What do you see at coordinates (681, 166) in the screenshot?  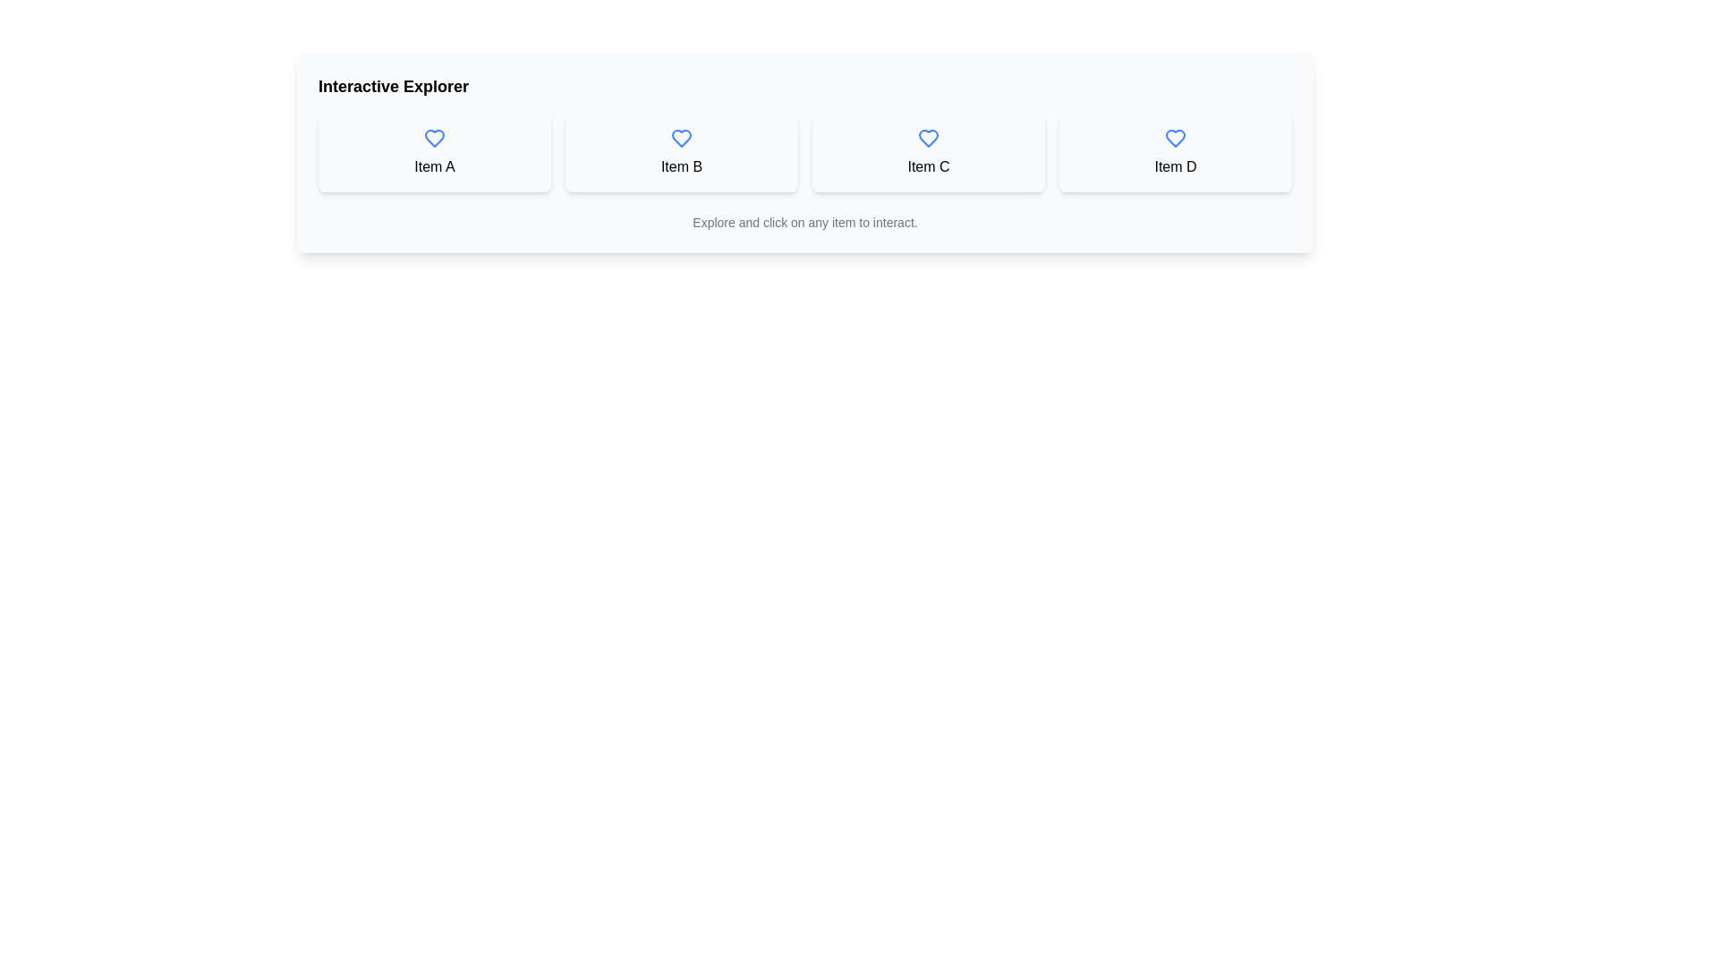 I see `the text label that identifies the second card in the list, located centrally below an icon and between 'Item A' and 'Item C'` at bounding box center [681, 166].